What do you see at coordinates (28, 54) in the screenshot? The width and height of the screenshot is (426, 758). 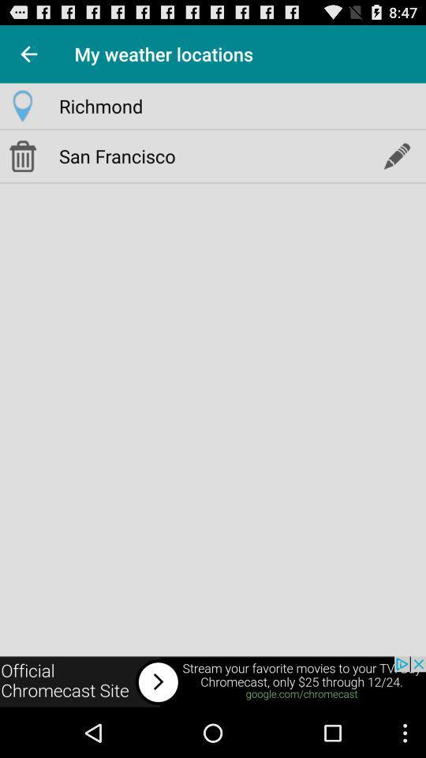 I see `go back` at bounding box center [28, 54].